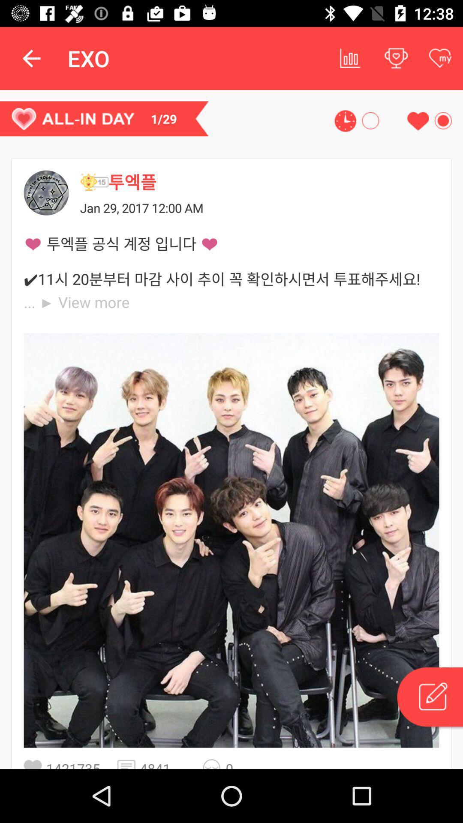  What do you see at coordinates (129, 764) in the screenshot?
I see `icon to the right of 1421735 item` at bounding box center [129, 764].